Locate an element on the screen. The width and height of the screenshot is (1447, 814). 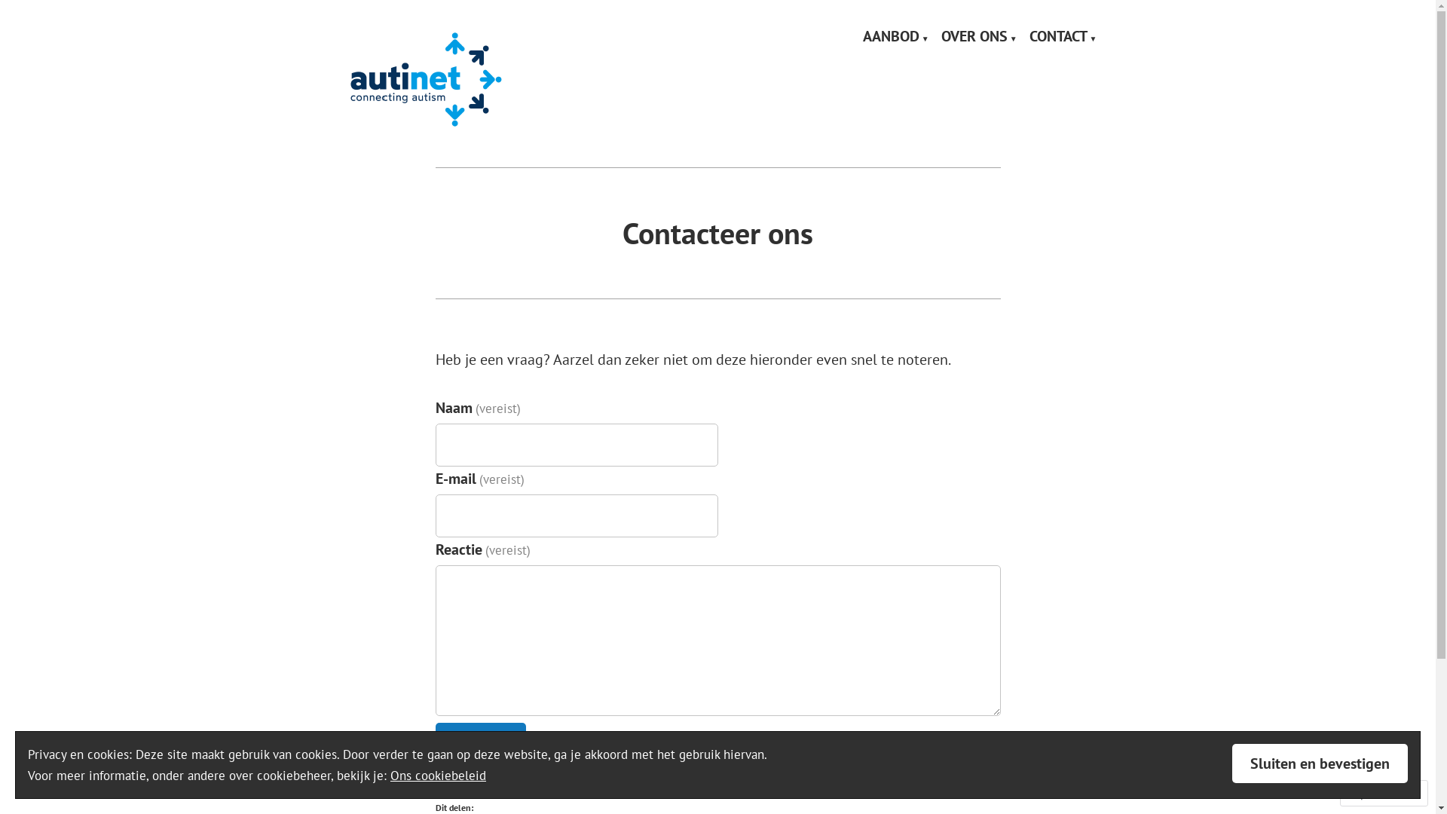
'Sluiten en bevestigen' is located at coordinates (1319, 764).